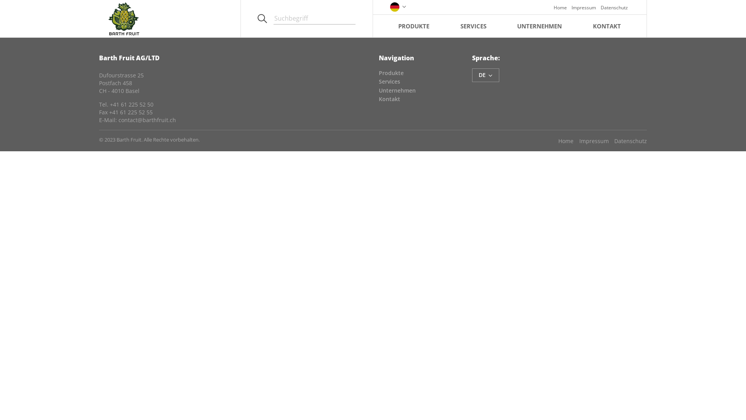 Image resolution: width=746 pixels, height=420 pixels. What do you see at coordinates (628, 141) in the screenshot?
I see `'Datenschutz'` at bounding box center [628, 141].